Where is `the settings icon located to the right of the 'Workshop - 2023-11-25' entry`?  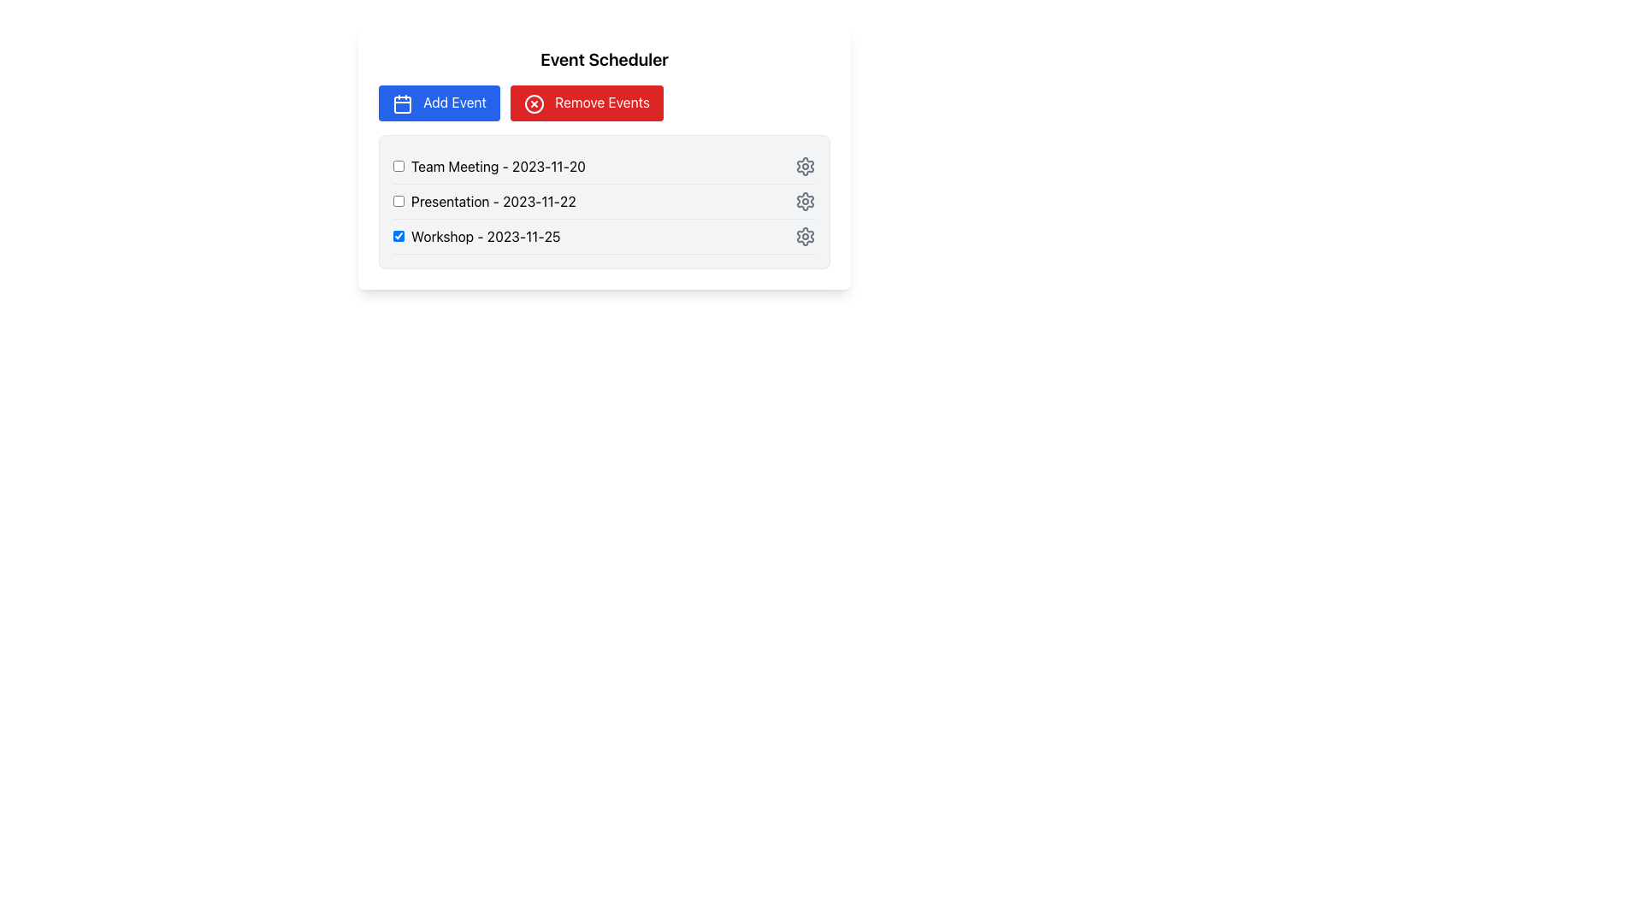
the settings icon located to the right of the 'Workshop - 2023-11-25' entry is located at coordinates (804, 236).